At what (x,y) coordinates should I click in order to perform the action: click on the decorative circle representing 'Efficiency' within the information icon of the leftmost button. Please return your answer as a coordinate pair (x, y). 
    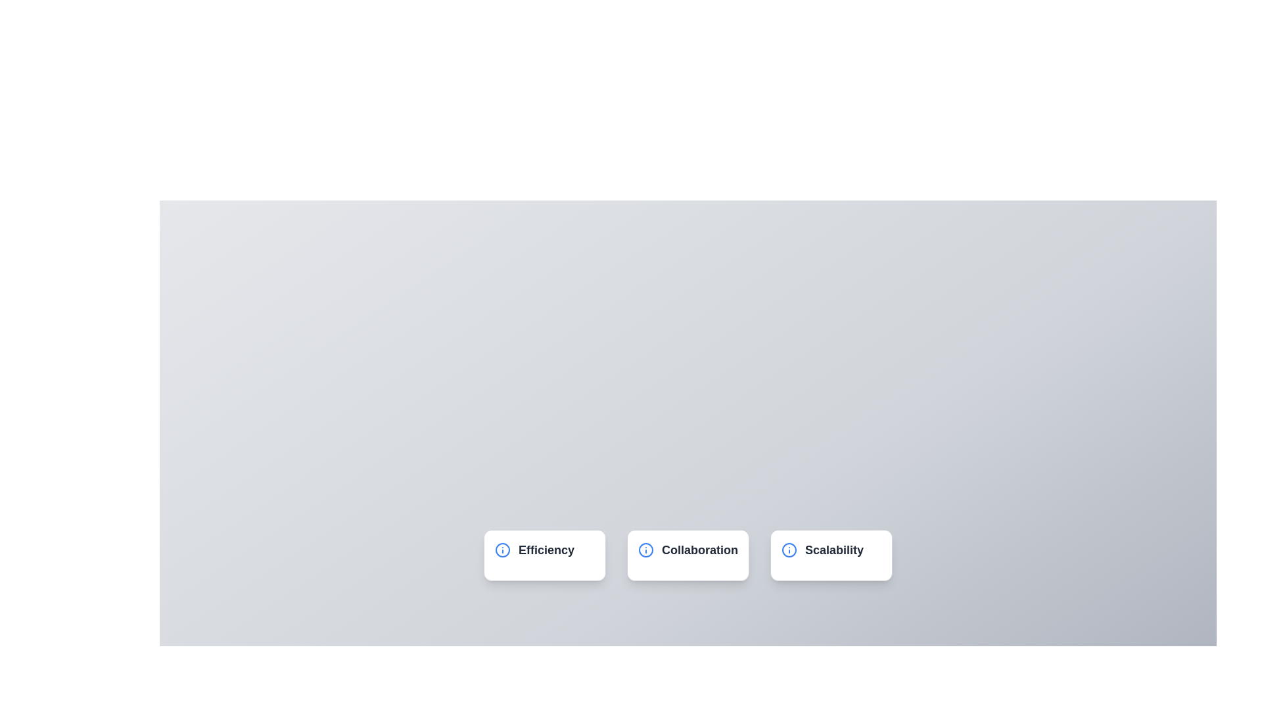
    Looking at the image, I should click on (502, 550).